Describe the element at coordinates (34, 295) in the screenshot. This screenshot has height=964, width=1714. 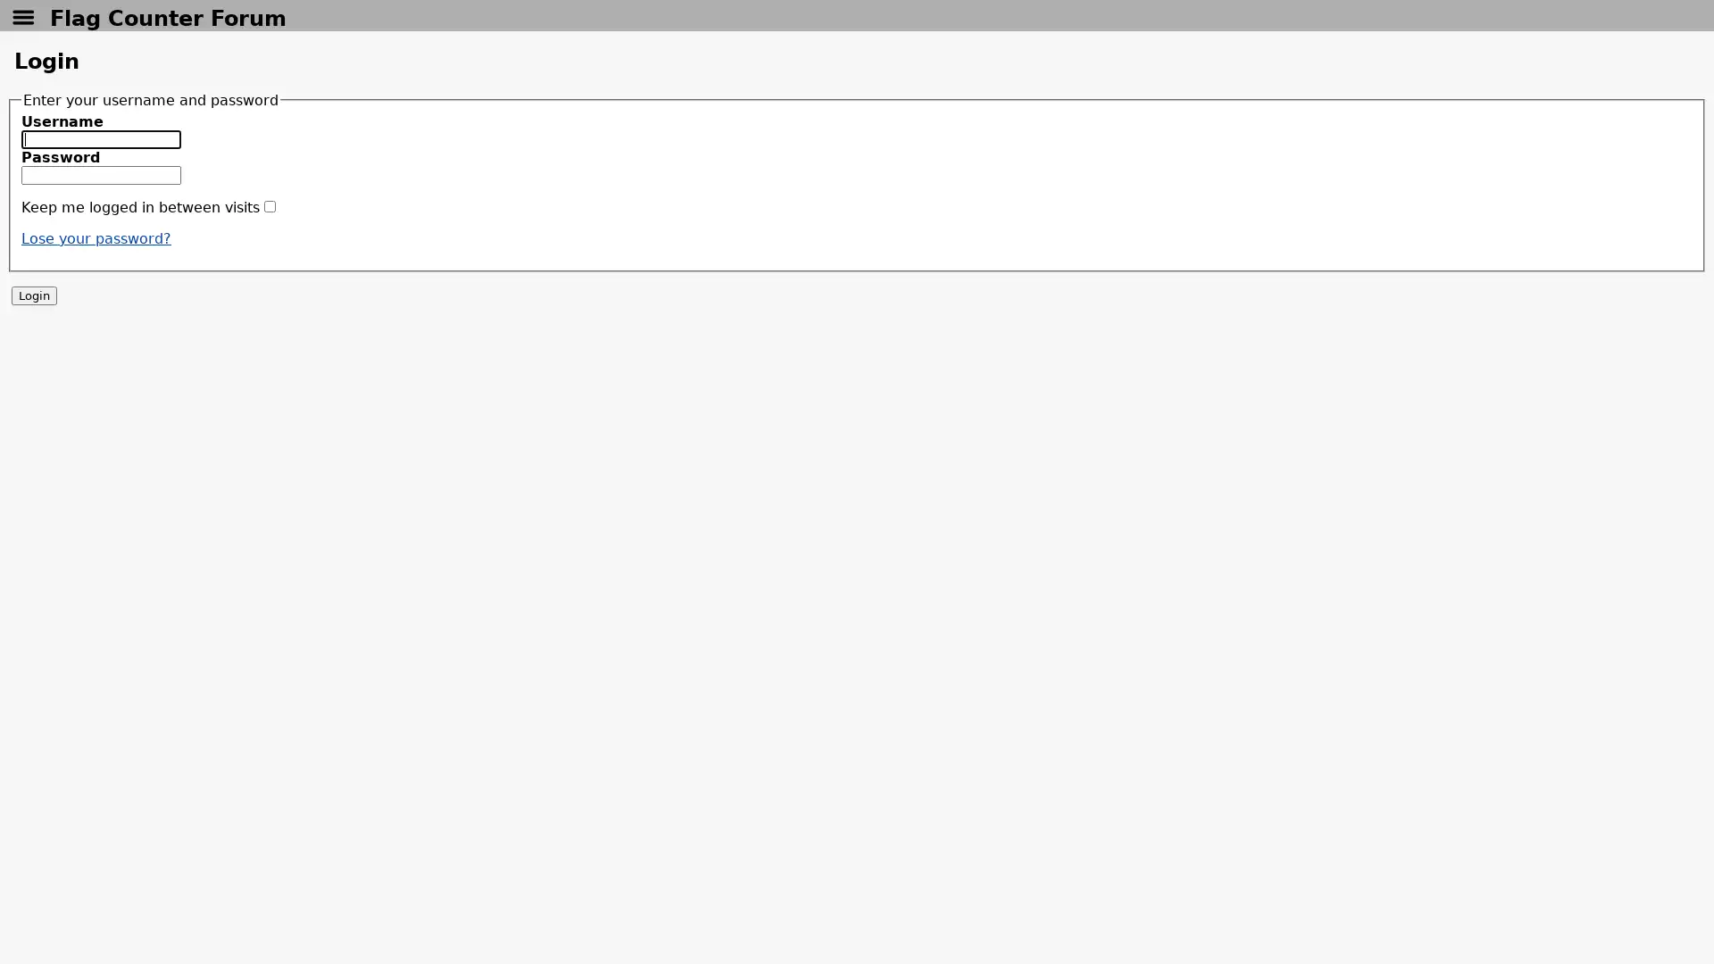
I see `Login` at that location.